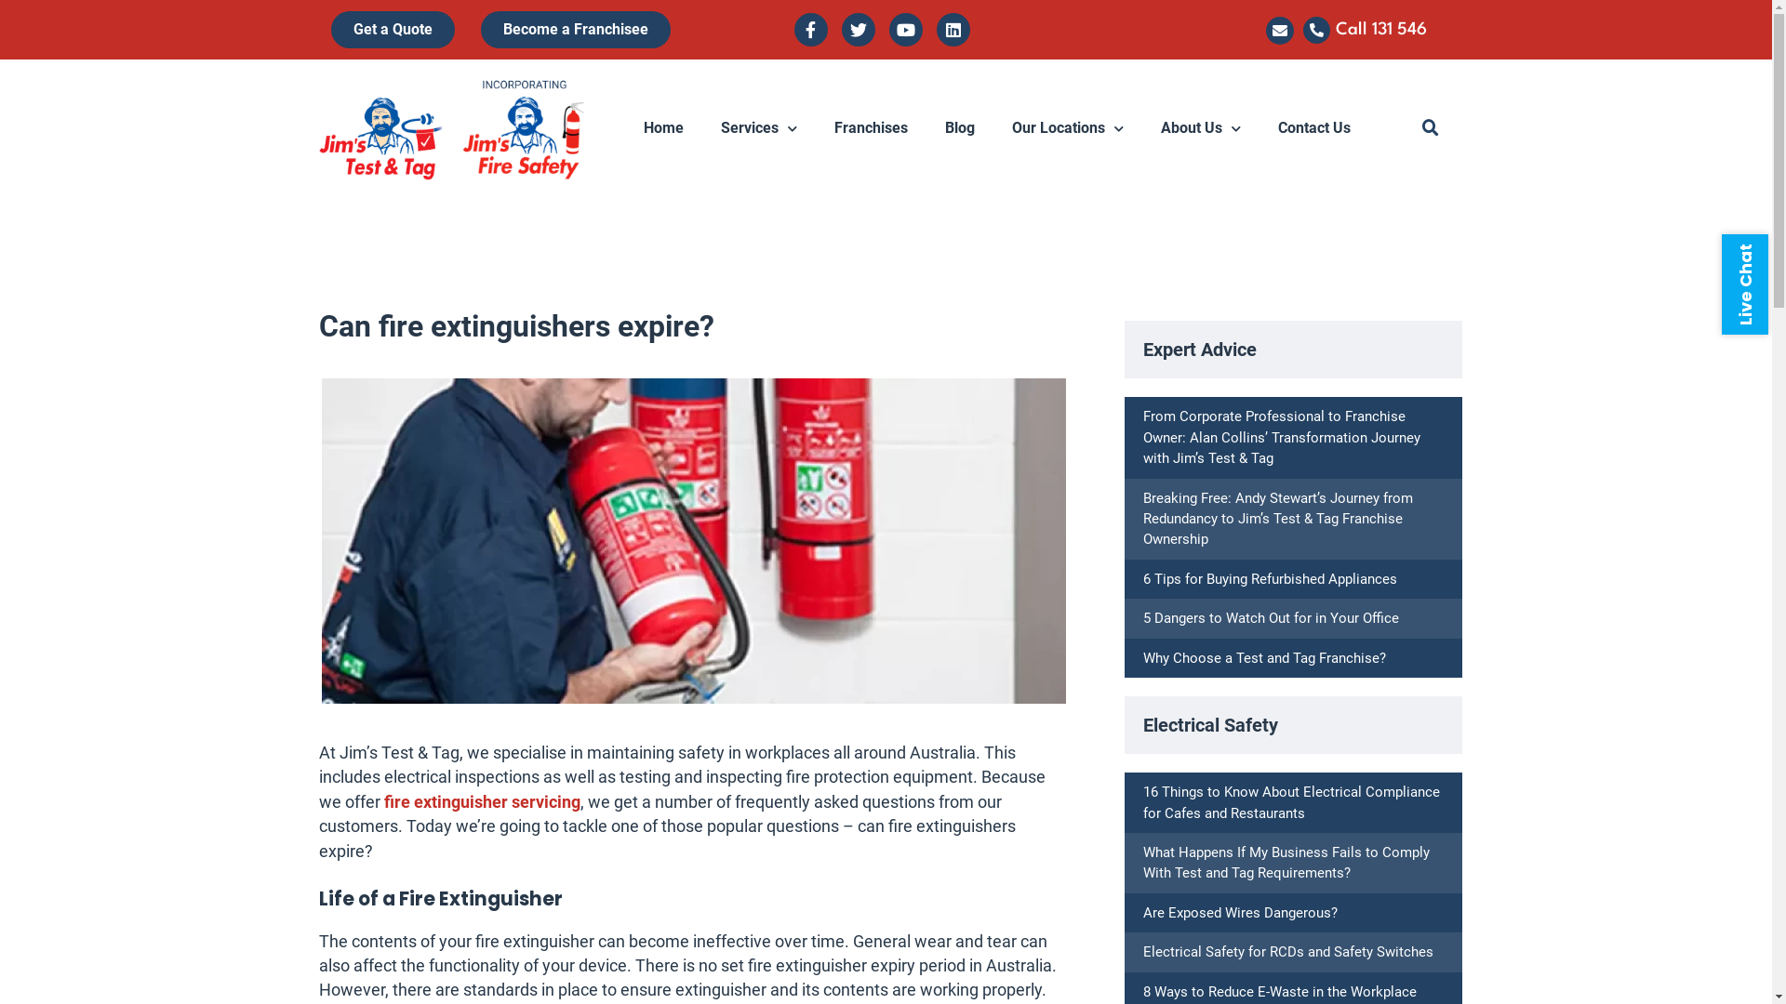  Describe the element at coordinates (1279, 991) in the screenshot. I see `'8 Ways to Reduce E-Waste in the Workplace'` at that location.